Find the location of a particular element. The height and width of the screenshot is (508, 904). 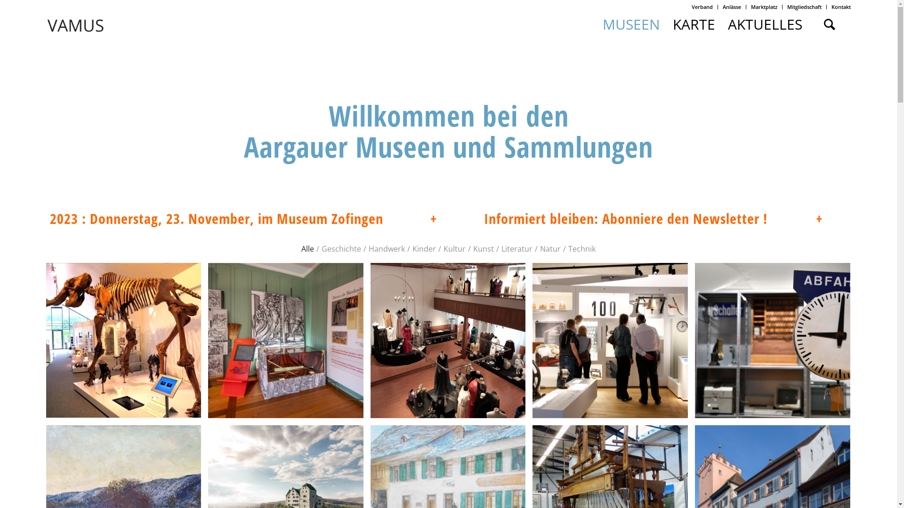

'Alle' is located at coordinates (307, 237).